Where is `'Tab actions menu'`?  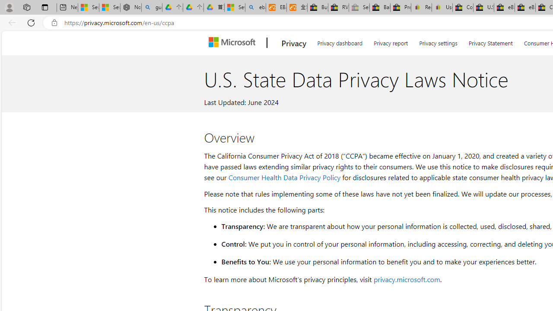
'Tab actions menu' is located at coordinates (44, 7).